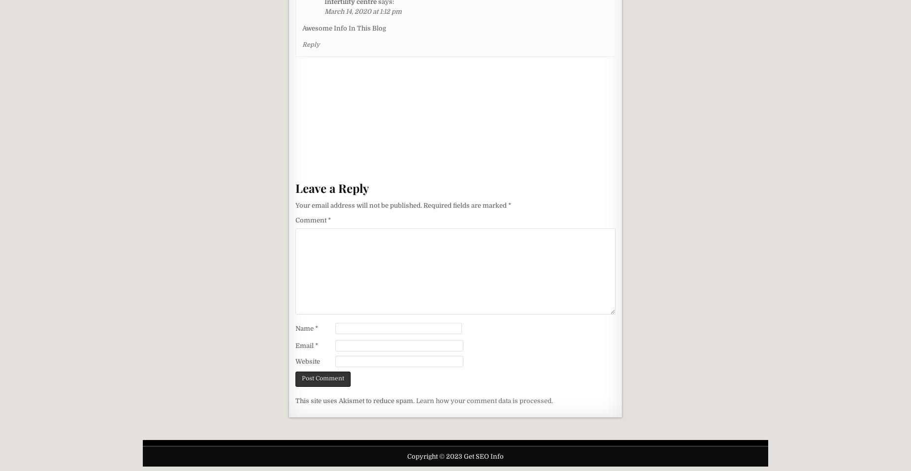  What do you see at coordinates (455, 456) in the screenshot?
I see `'Copyright © 2023 Get SEO Info'` at bounding box center [455, 456].